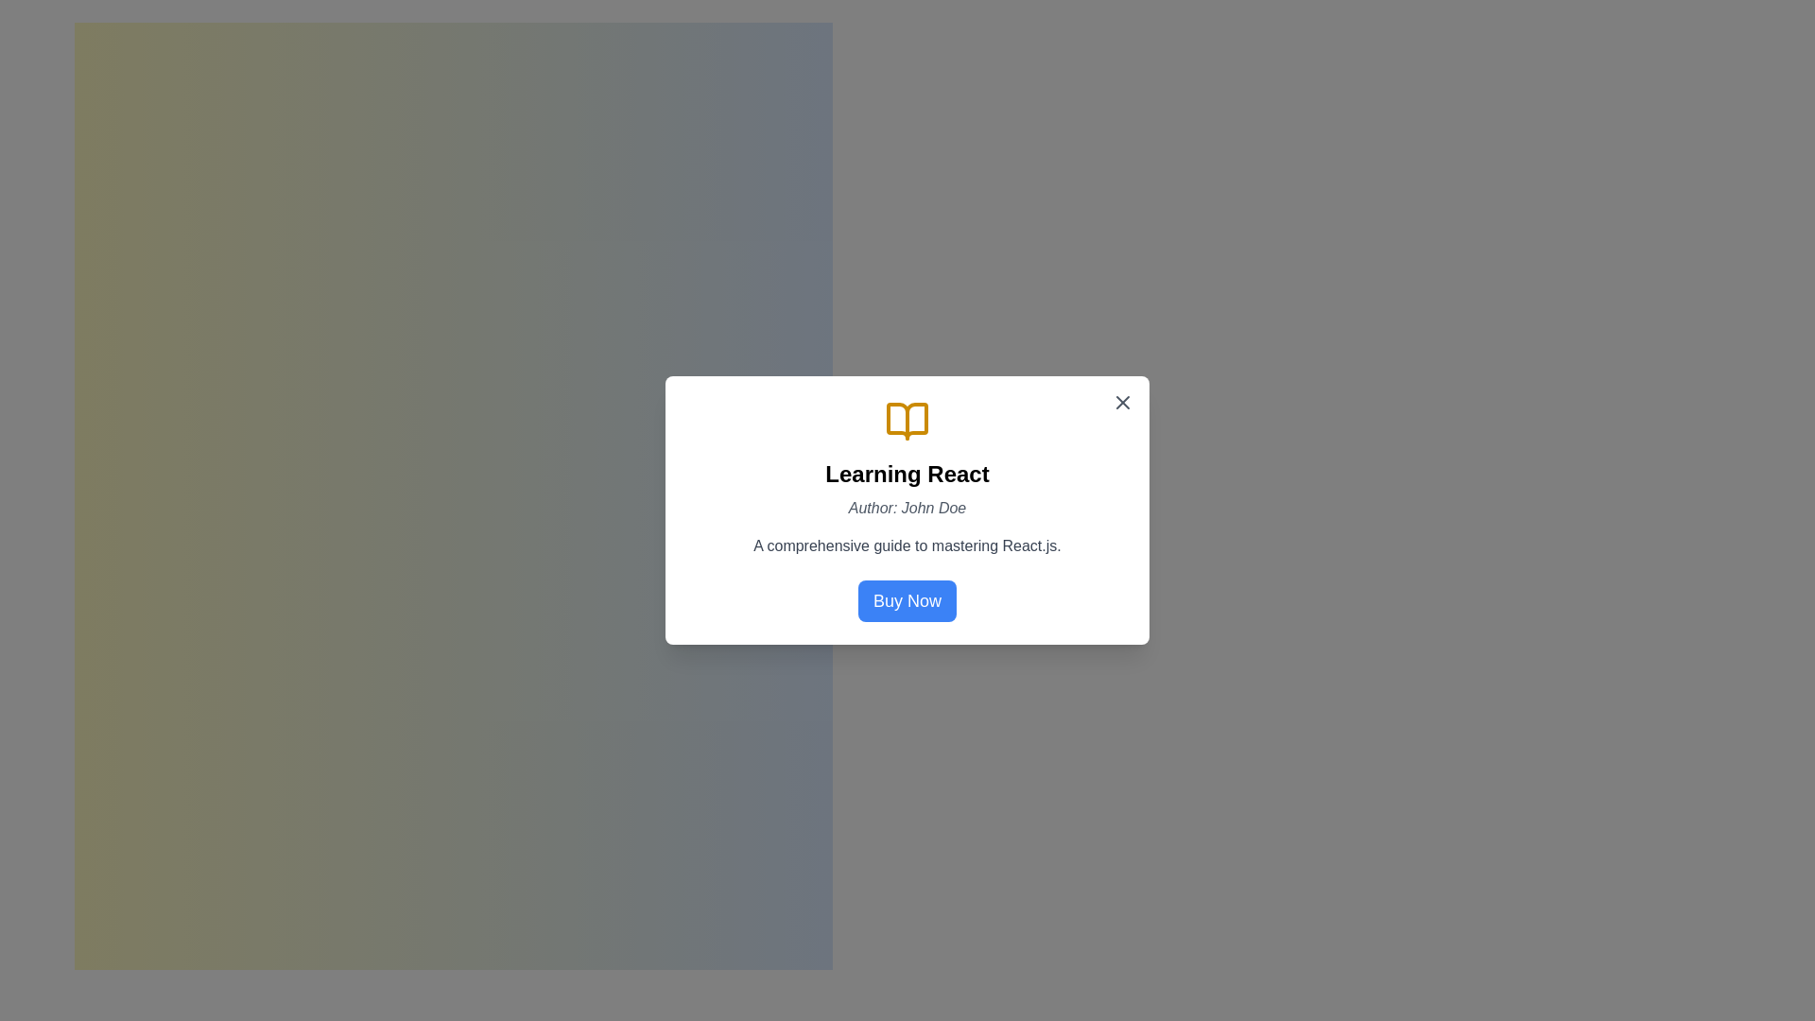 The width and height of the screenshot is (1815, 1021). What do you see at coordinates (907, 421) in the screenshot?
I see `the decorative book icon located at the top-center of the white dialog box on the webpage` at bounding box center [907, 421].